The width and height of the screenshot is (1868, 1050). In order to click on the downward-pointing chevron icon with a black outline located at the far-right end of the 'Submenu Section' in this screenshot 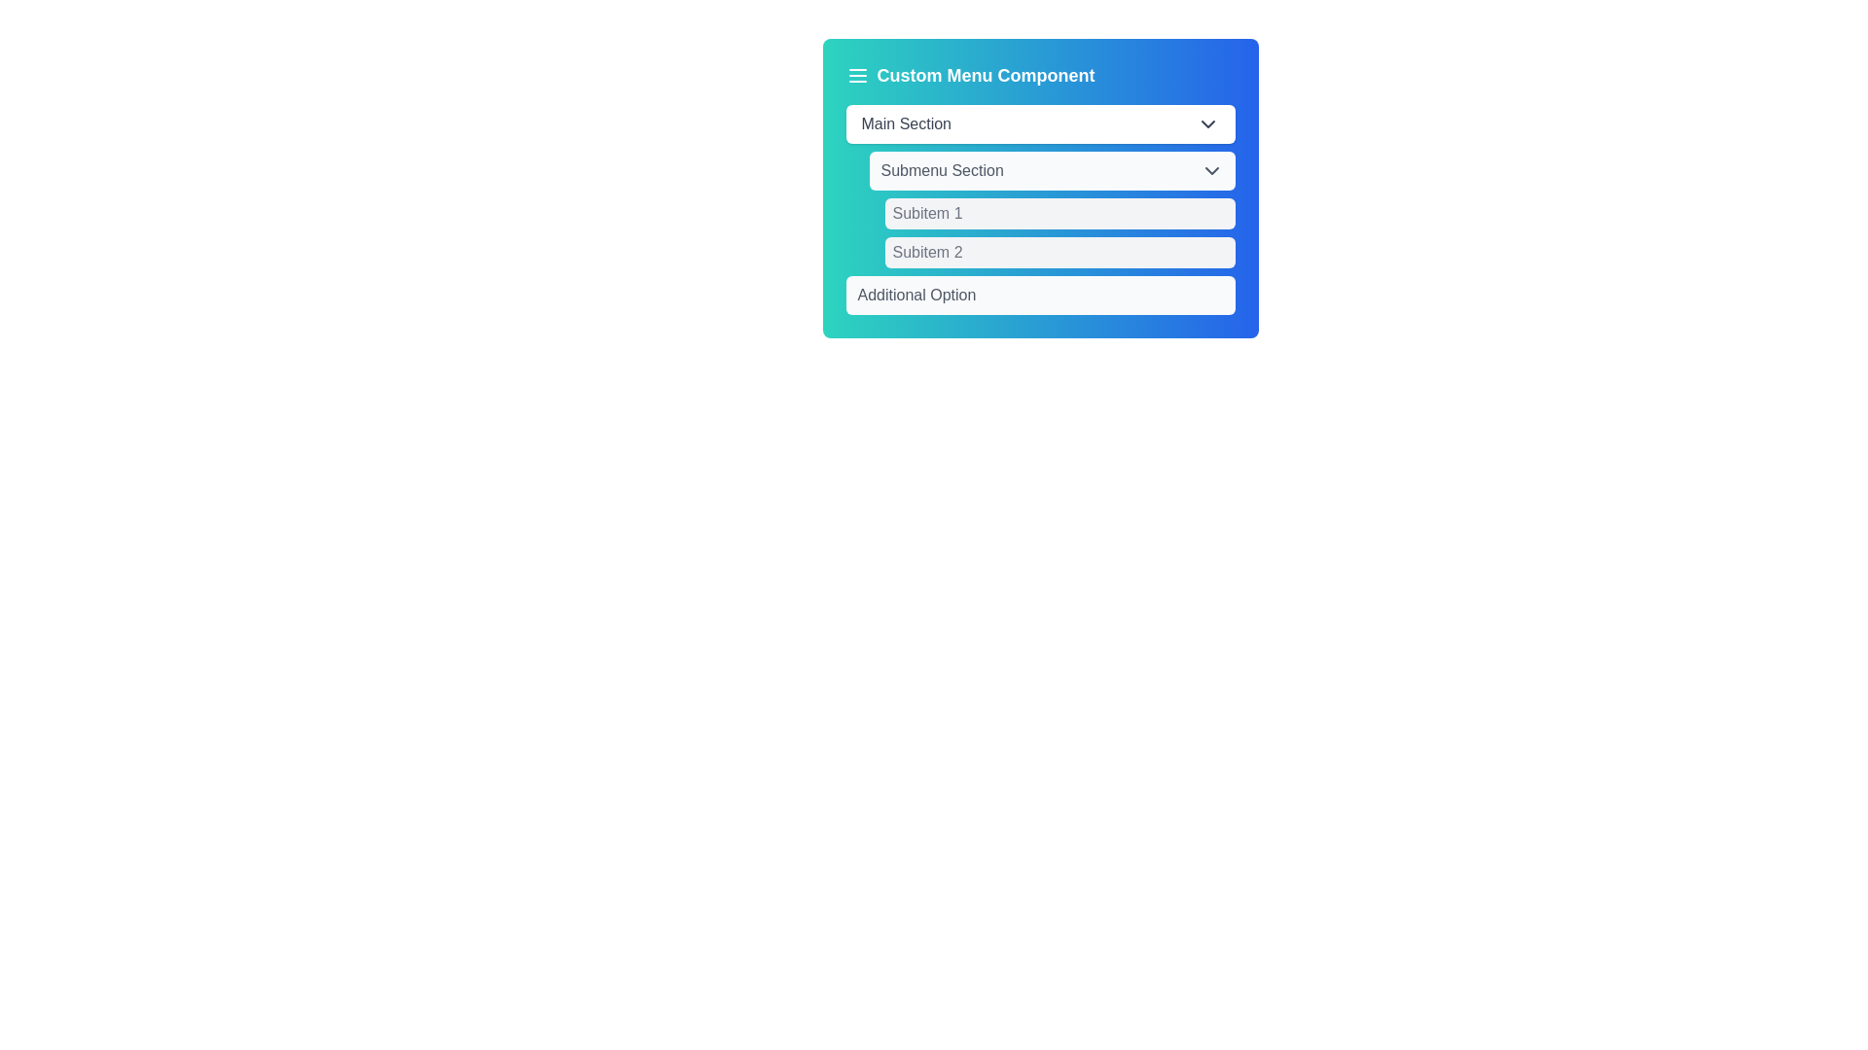, I will do `click(1210, 170)`.